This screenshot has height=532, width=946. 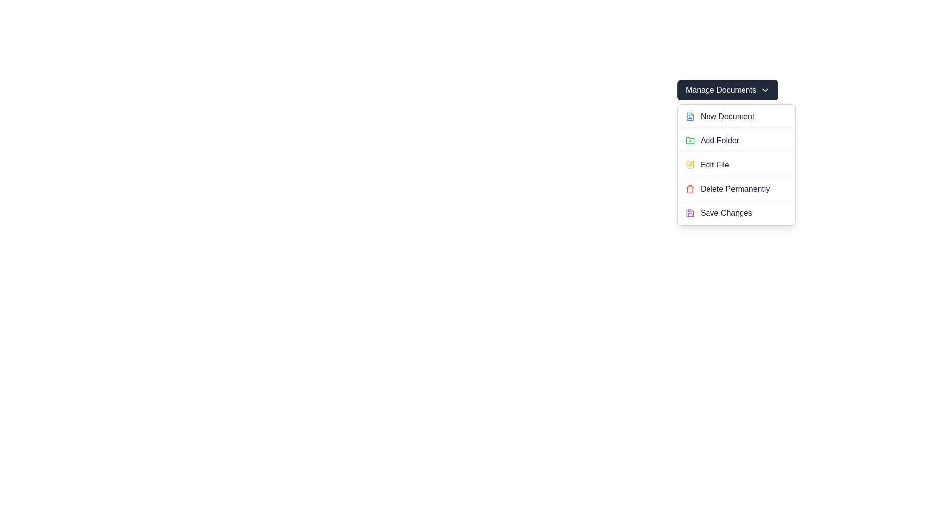 What do you see at coordinates (735, 189) in the screenshot?
I see `the 'Delete Permanently' text label in the 'Manage Documents' dropdown menu` at bounding box center [735, 189].